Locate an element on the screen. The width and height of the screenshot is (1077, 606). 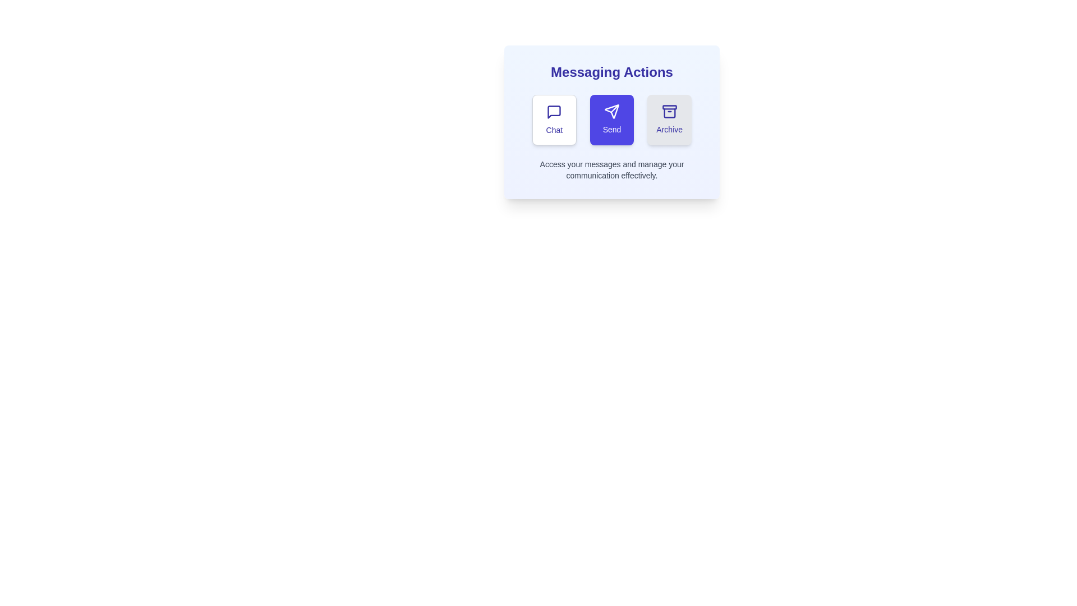
the blue 'Send' button with rounded corners in the 'Messaging Actions' section to observe any visual changes or tooltips is located at coordinates (611, 120).